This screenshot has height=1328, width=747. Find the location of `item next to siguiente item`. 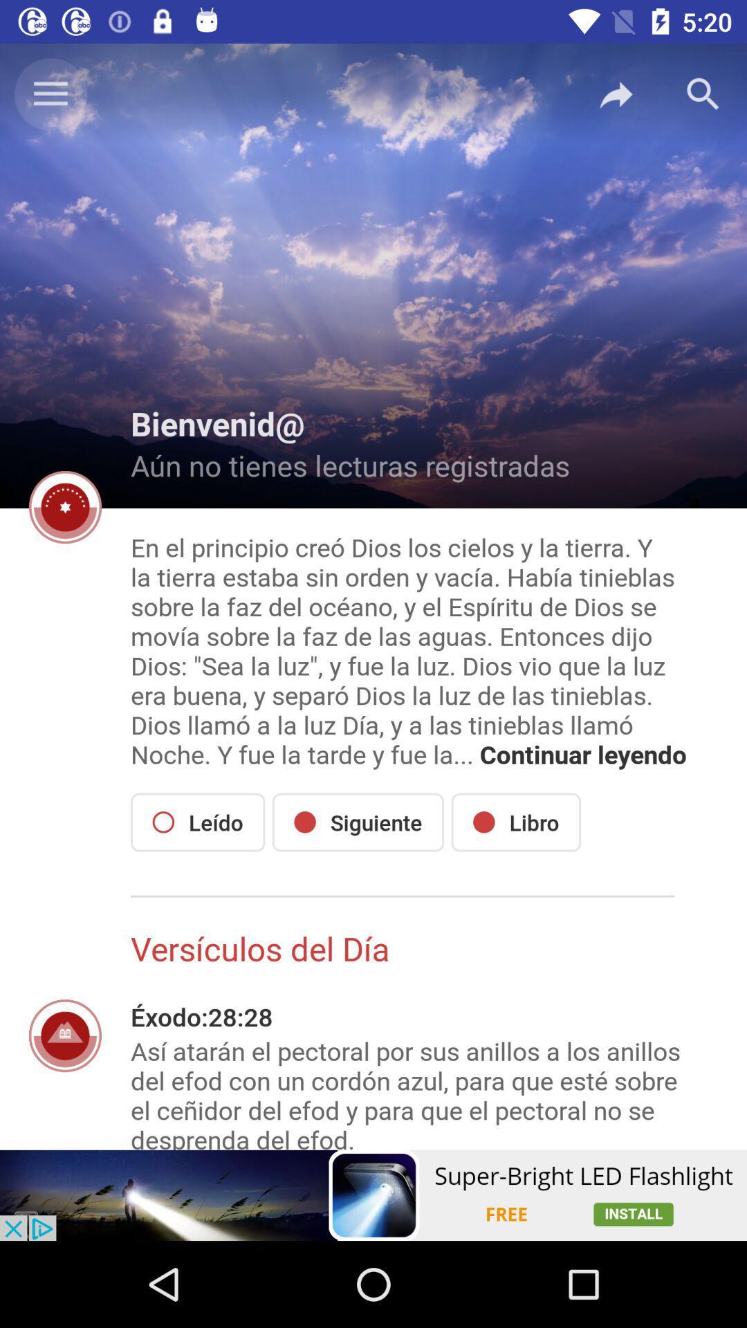

item next to siguiente item is located at coordinates (516, 822).